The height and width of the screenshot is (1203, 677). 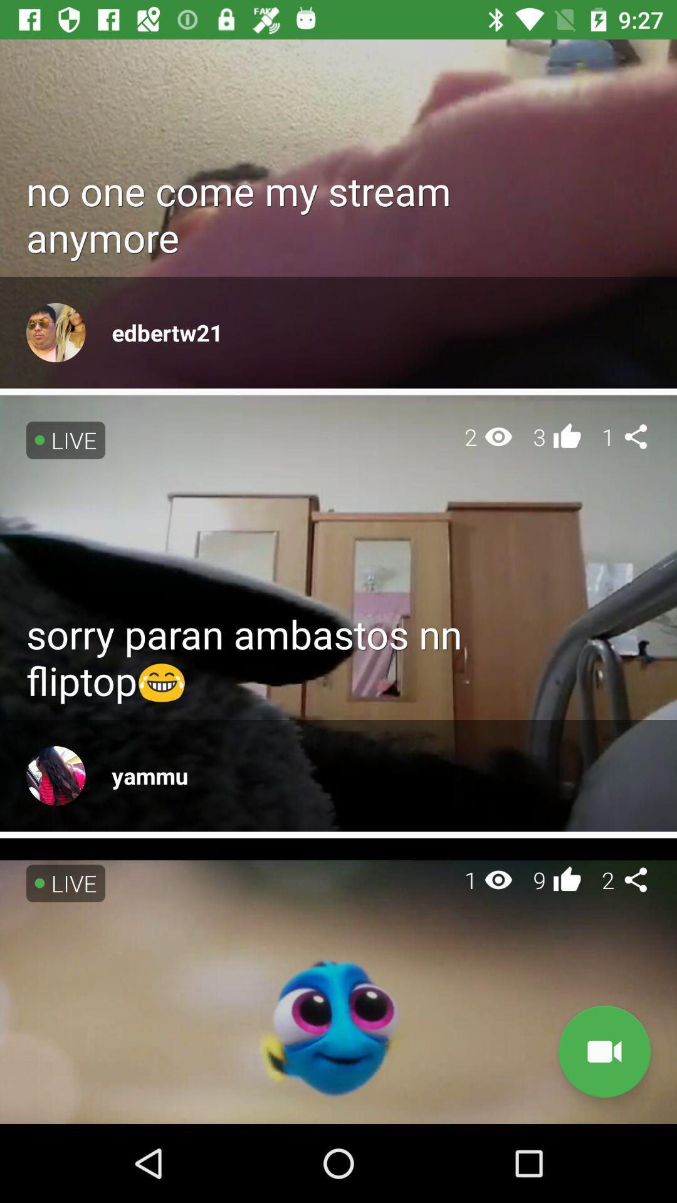 I want to click on the videocam icon, so click(x=604, y=1051).